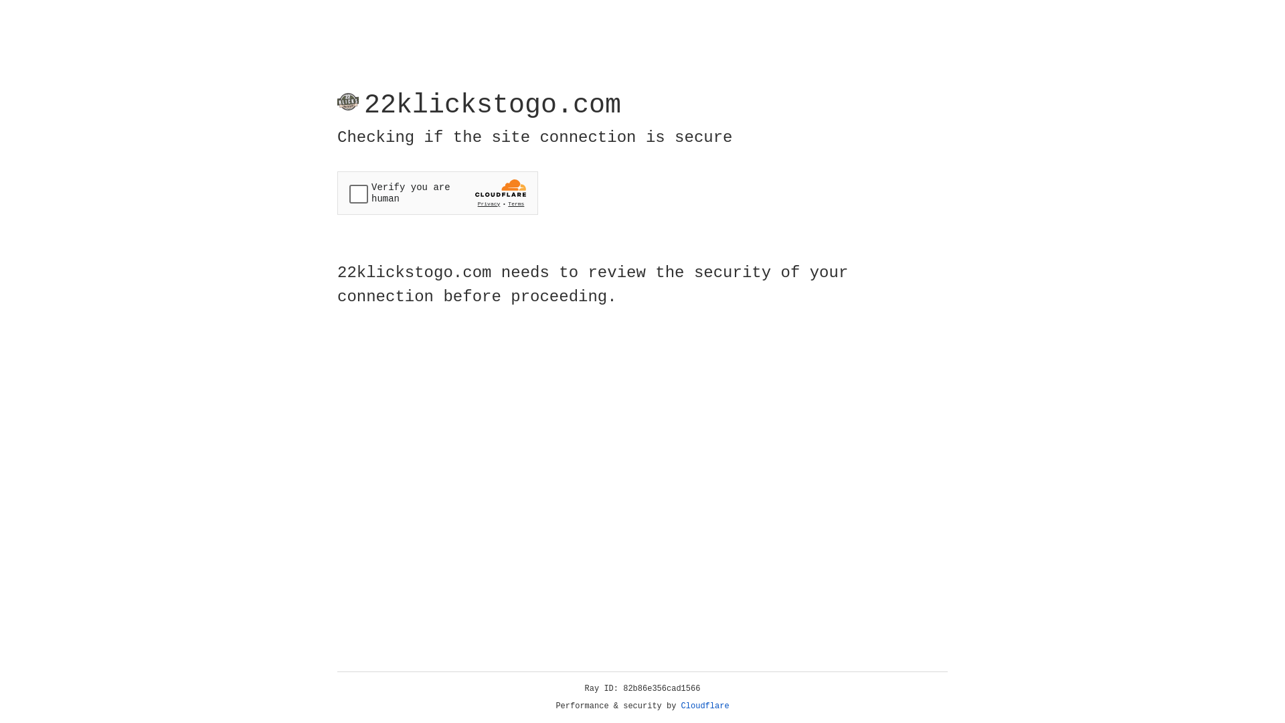 This screenshot has width=1285, height=723. What do you see at coordinates (705, 706) in the screenshot?
I see `'Cloudflare'` at bounding box center [705, 706].